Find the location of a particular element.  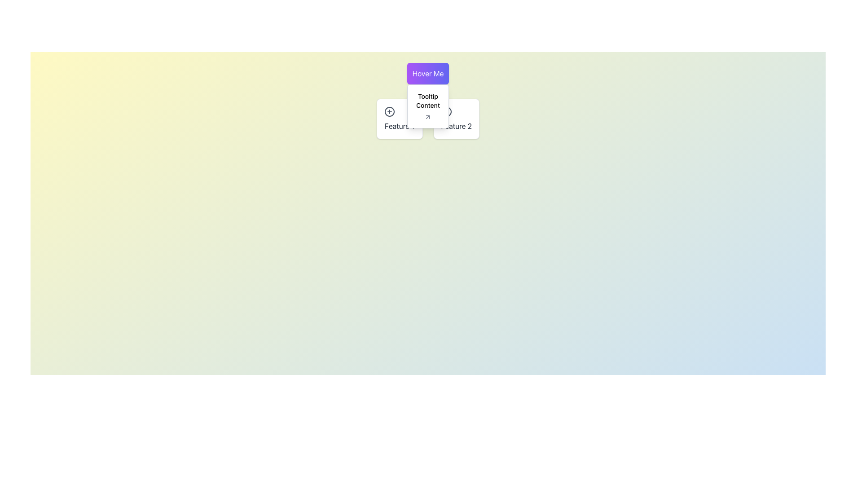

the button that triggers a tooltip display, which is centrally located above the tooltip and feature cards labeled 'Feature 1' and 'Feature 2' is located at coordinates (427, 73).